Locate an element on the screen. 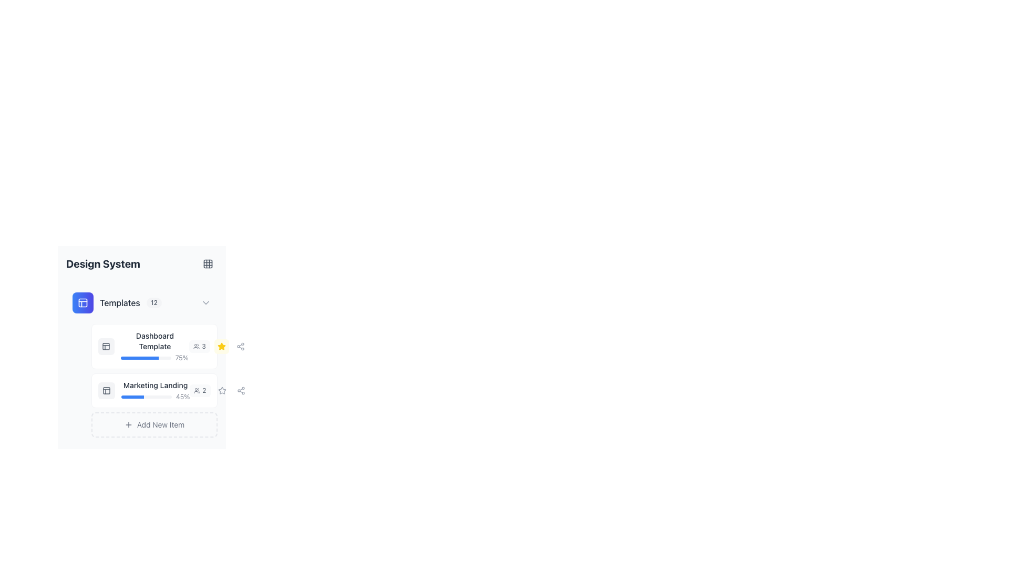 The height and width of the screenshot is (568, 1009). the golden-yellow star icon, which is part of the design system UI and indicates a rating or favorite feature is located at coordinates (221, 346).